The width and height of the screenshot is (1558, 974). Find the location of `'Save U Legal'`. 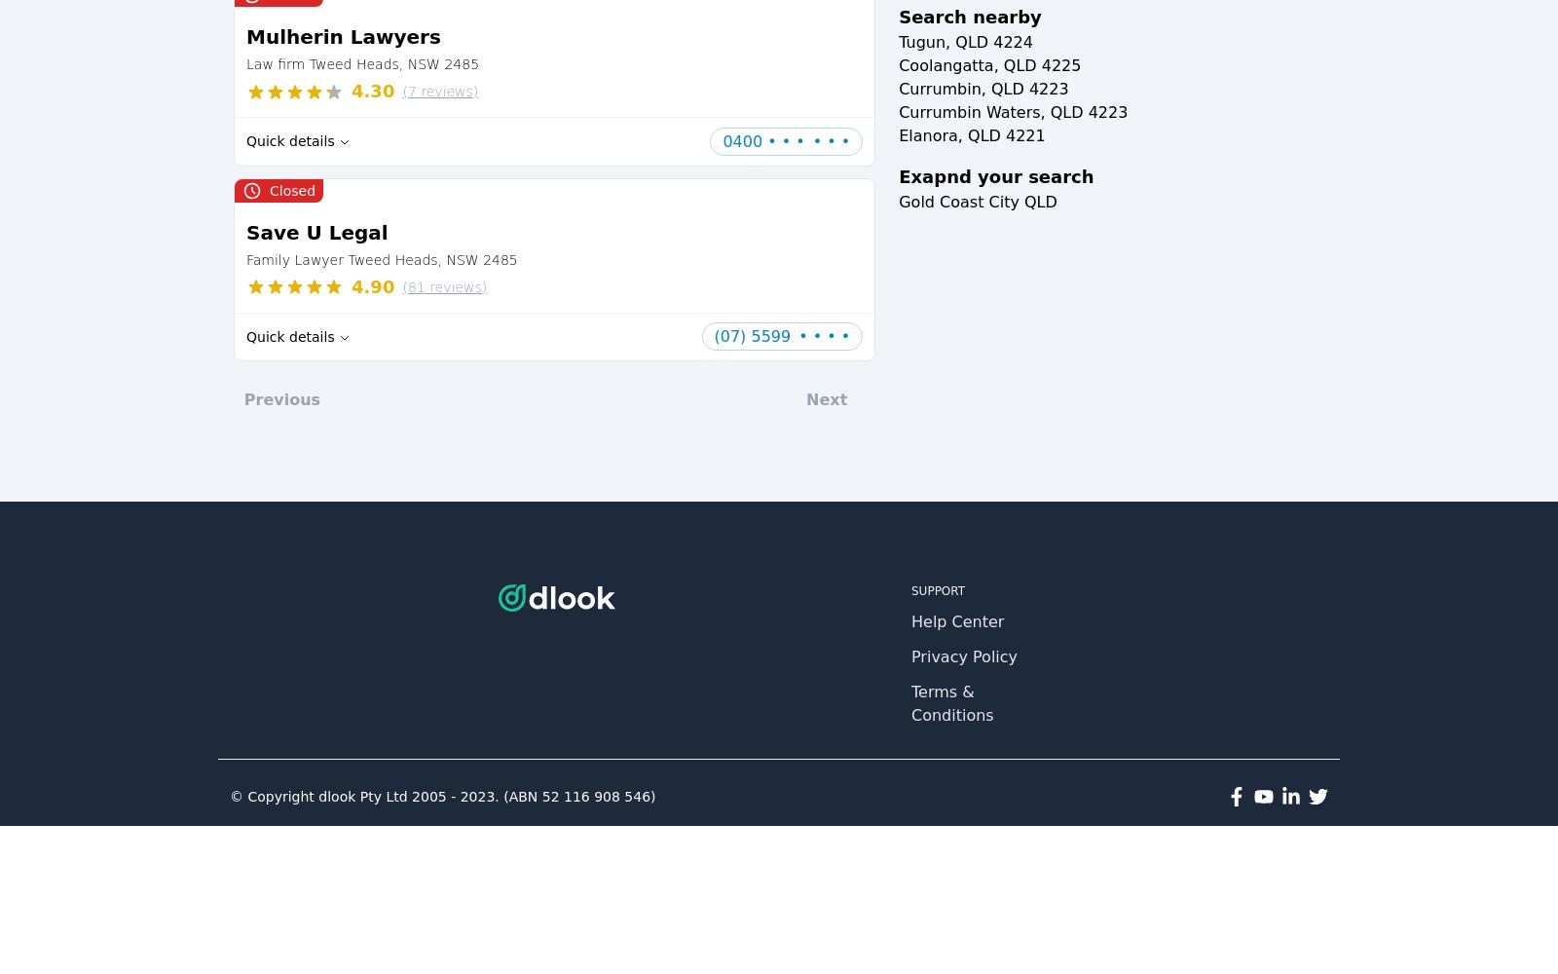

'Save U Legal' is located at coordinates (316, 231).